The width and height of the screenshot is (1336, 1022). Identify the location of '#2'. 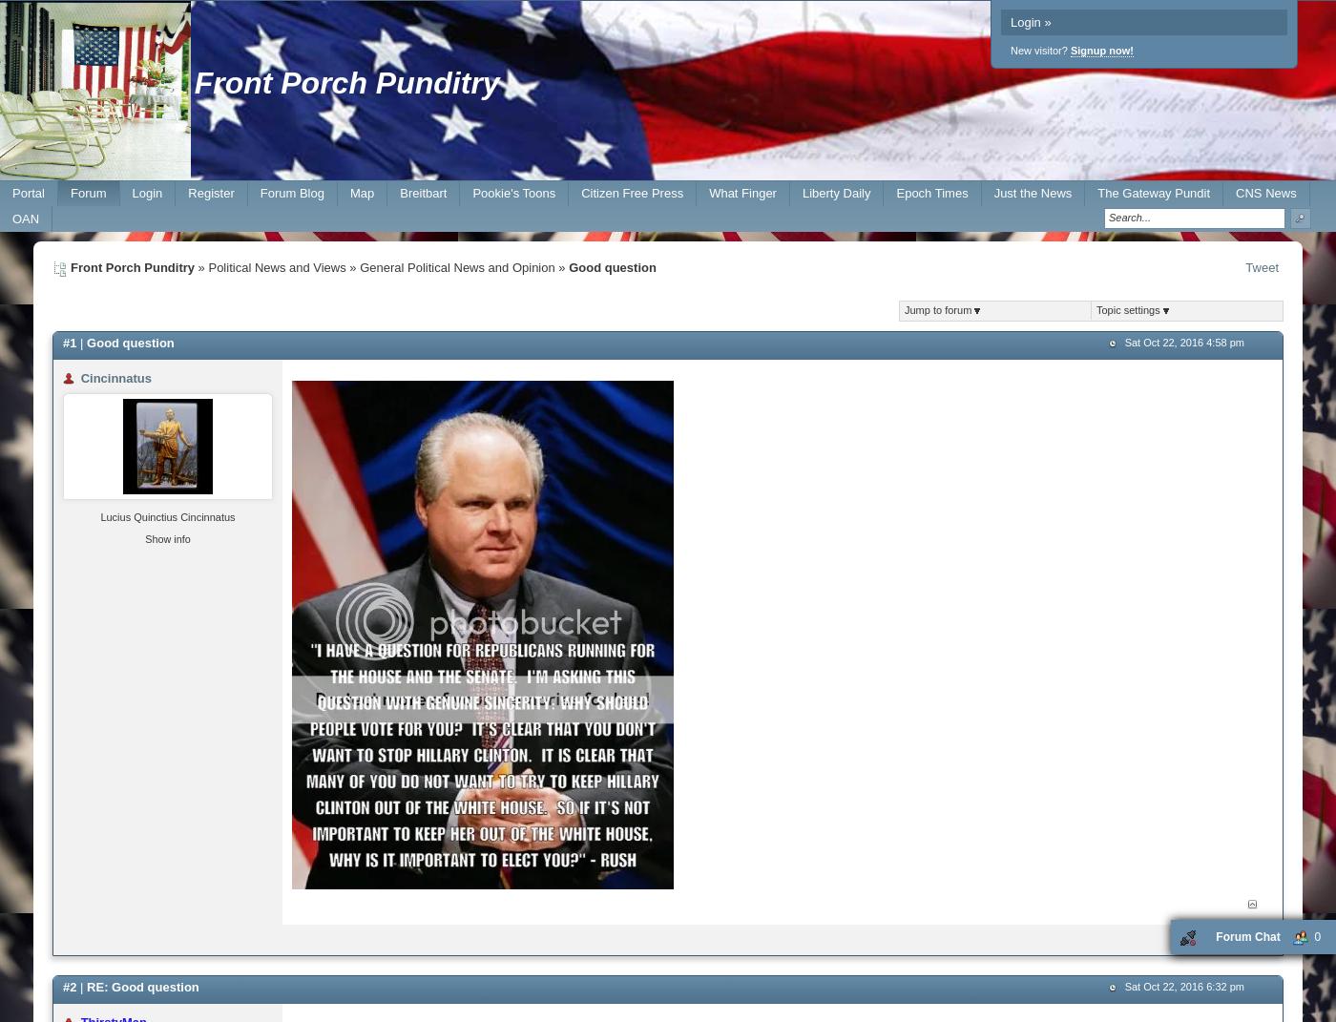
(69, 987).